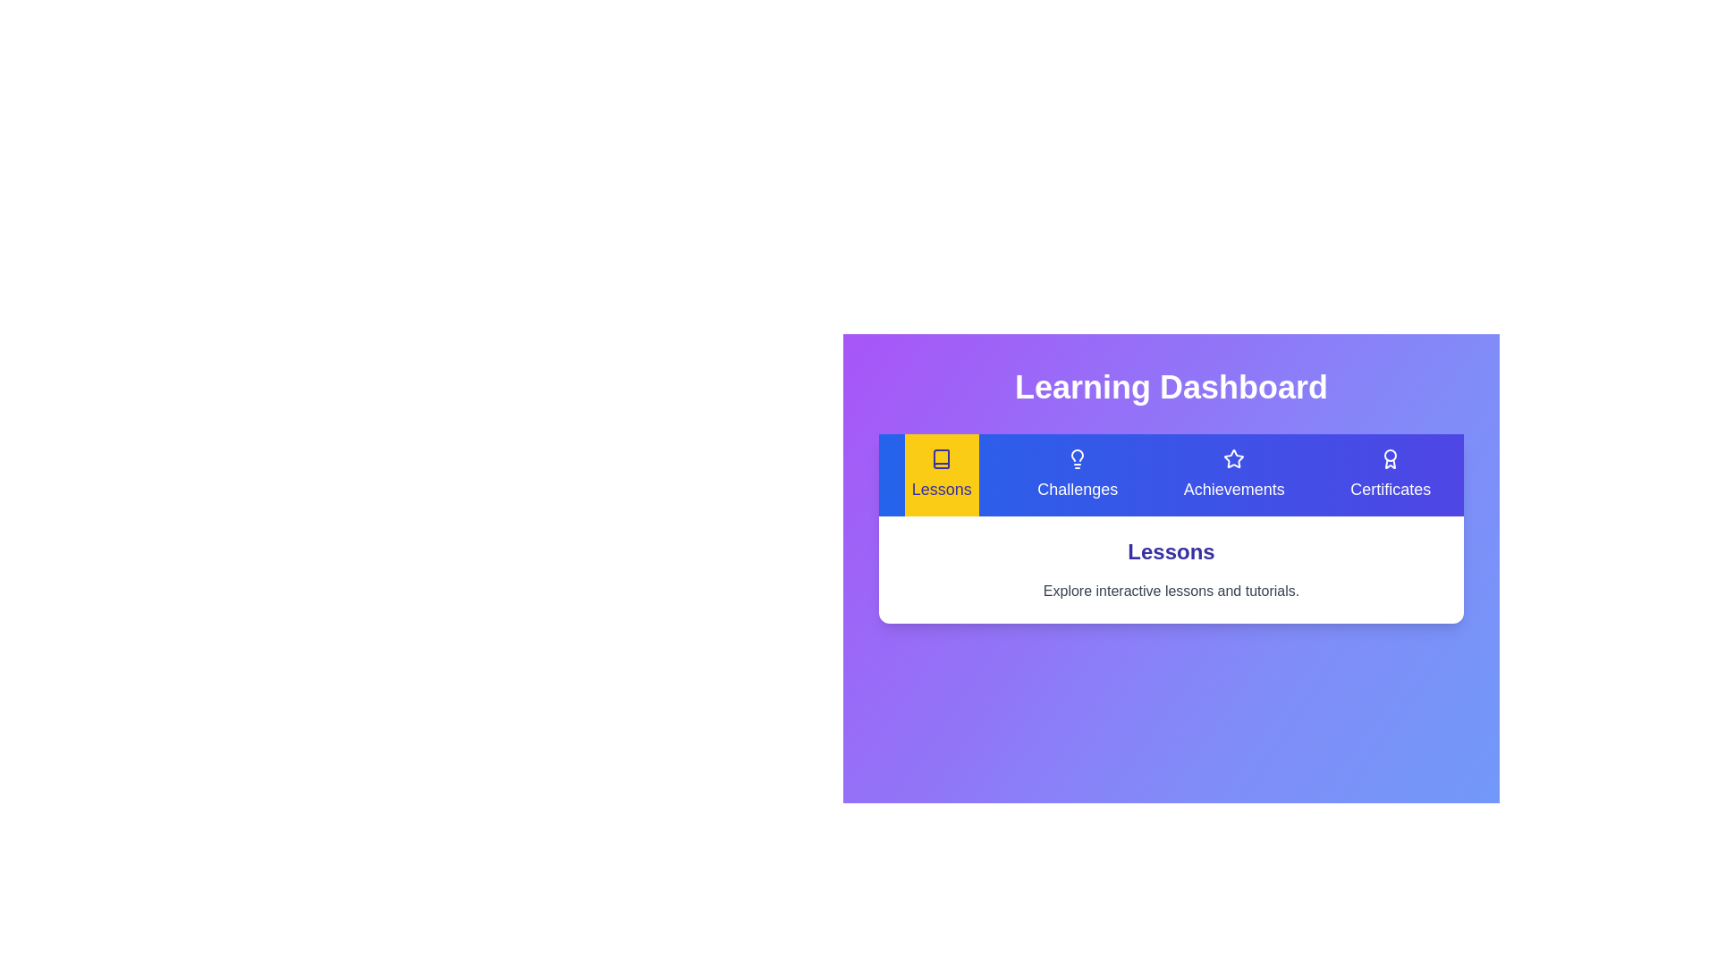  What do you see at coordinates (1390, 474) in the screenshot?
I see `the Certificates tab by clicking its button` at bounding box center [1390, 474].